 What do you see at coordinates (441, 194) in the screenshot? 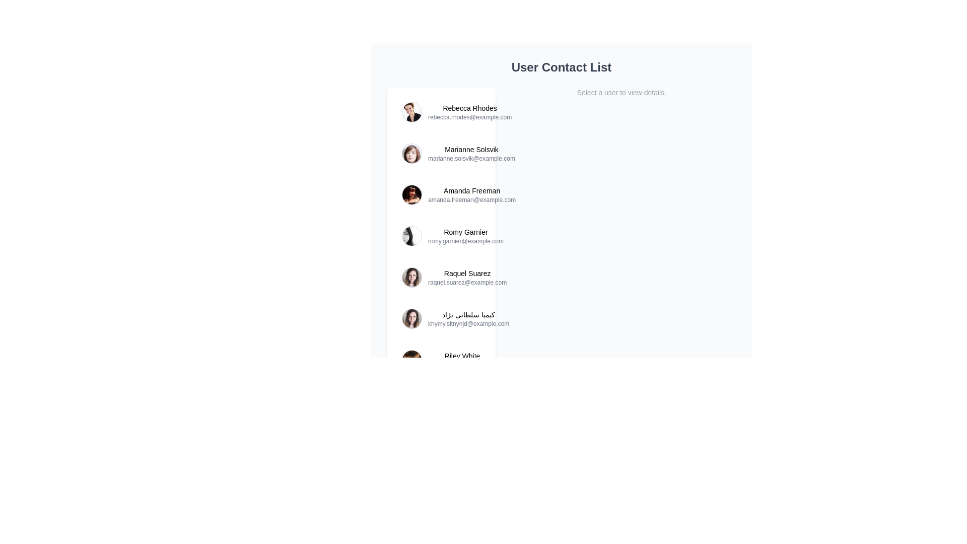
I see `the email address 'amanda.freeman@example.com' of the contact item for 'Amanda Freeman'` at bounding box center [441, 194].